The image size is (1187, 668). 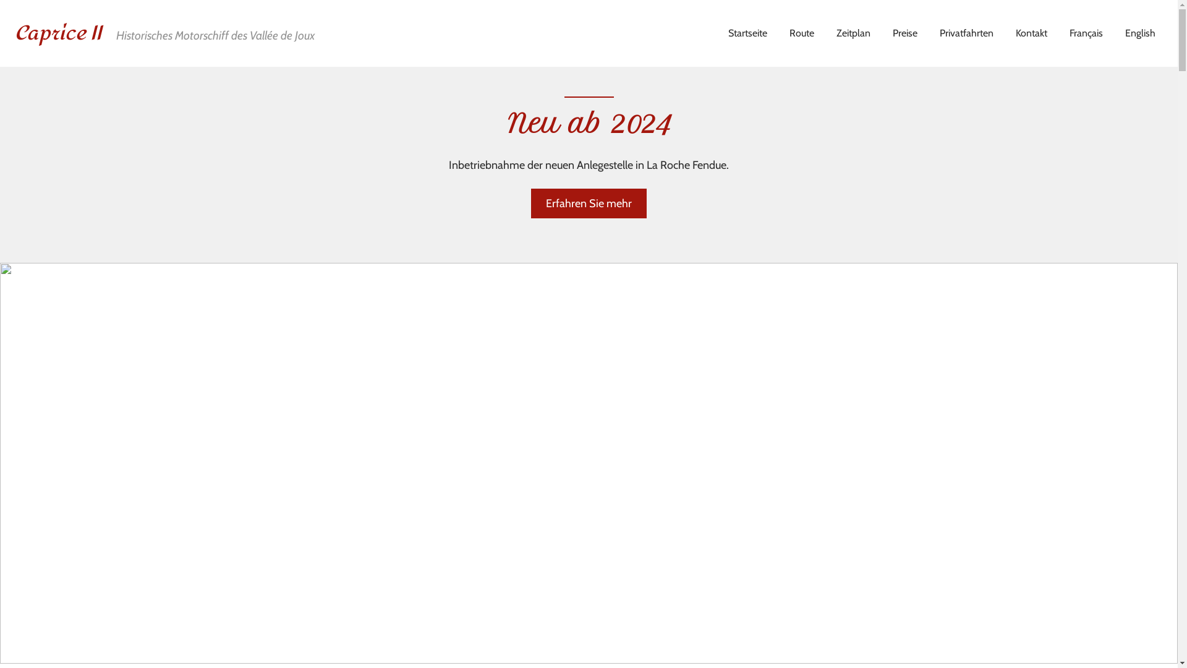 I want to click on 'Kontakt', so click(x=1031, y=33).